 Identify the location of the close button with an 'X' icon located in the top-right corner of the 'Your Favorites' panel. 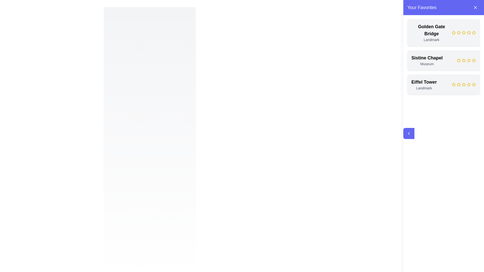
(475, 8).